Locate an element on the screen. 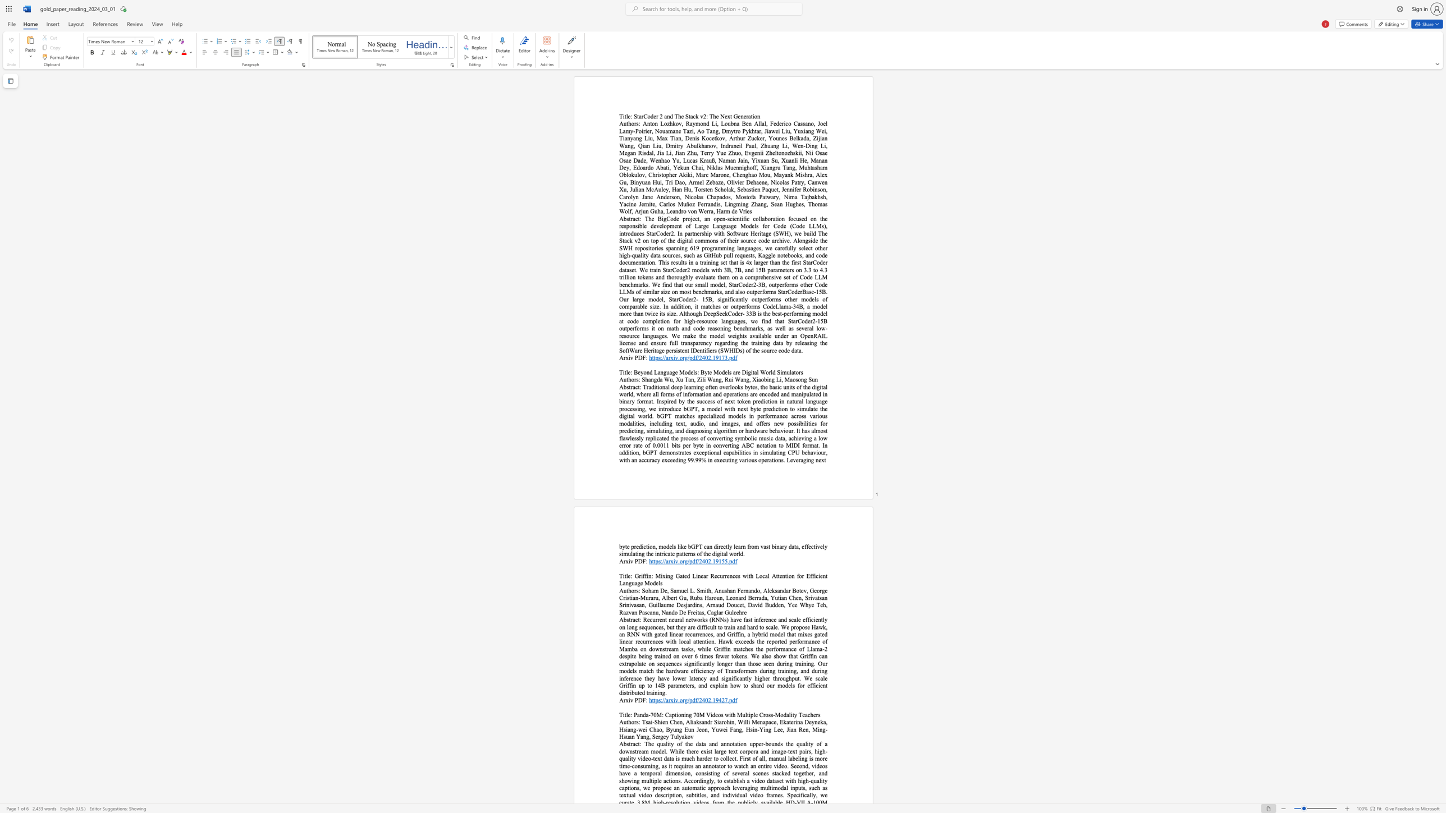 This screenshot has height=813, width=1446. the subset text "bs" within the text "Abstract:" is located at coordinates (624, 619).